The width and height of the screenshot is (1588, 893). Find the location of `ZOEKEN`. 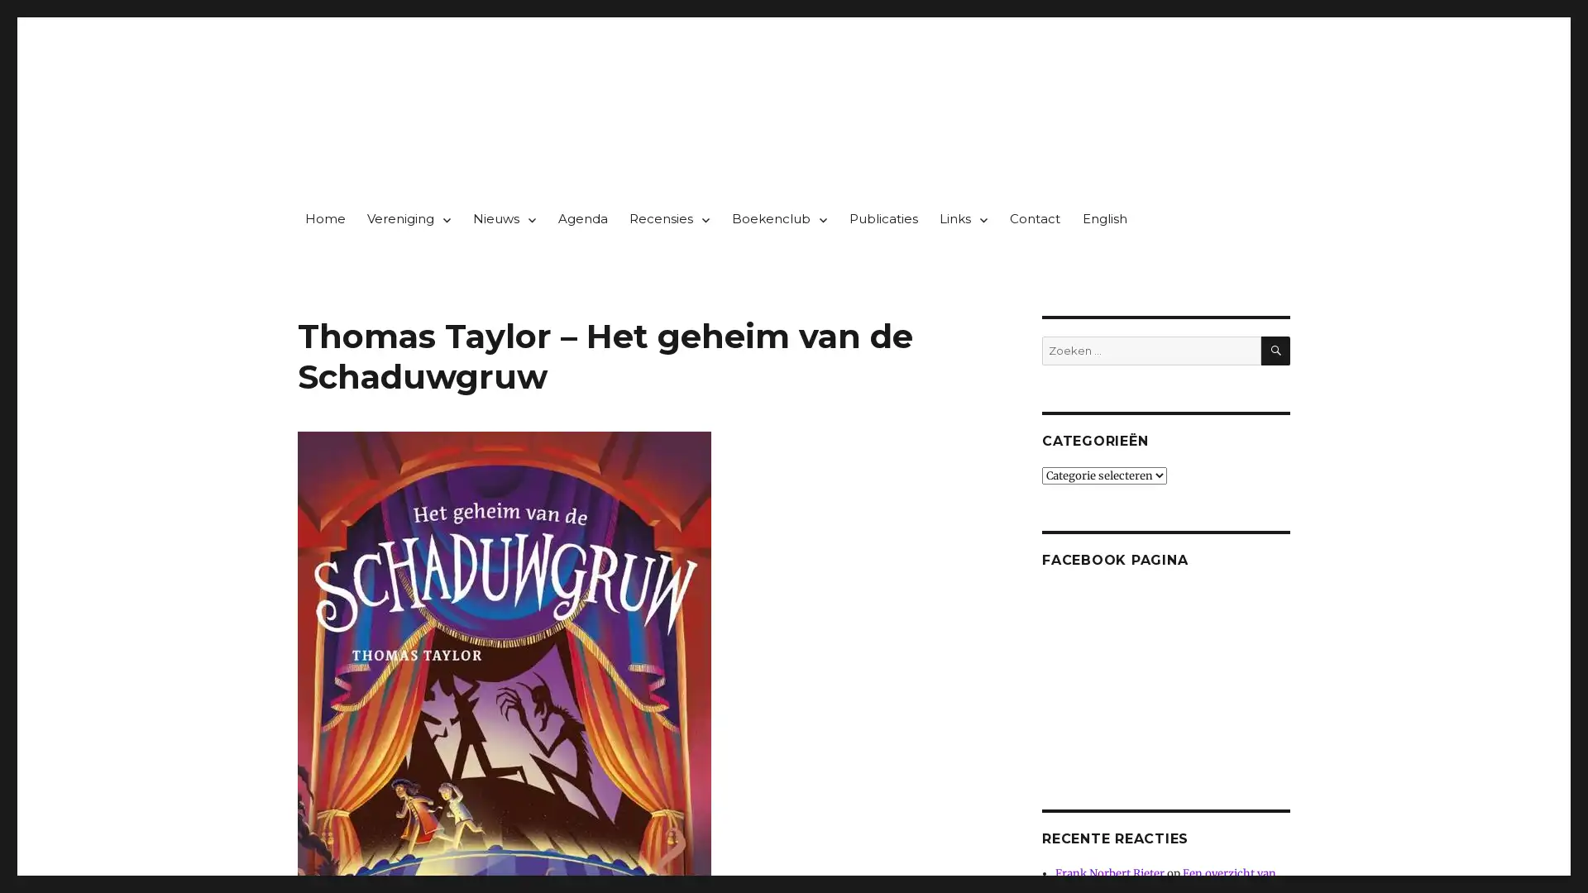

ZOEKEN is located at coordinates (1275, 350).